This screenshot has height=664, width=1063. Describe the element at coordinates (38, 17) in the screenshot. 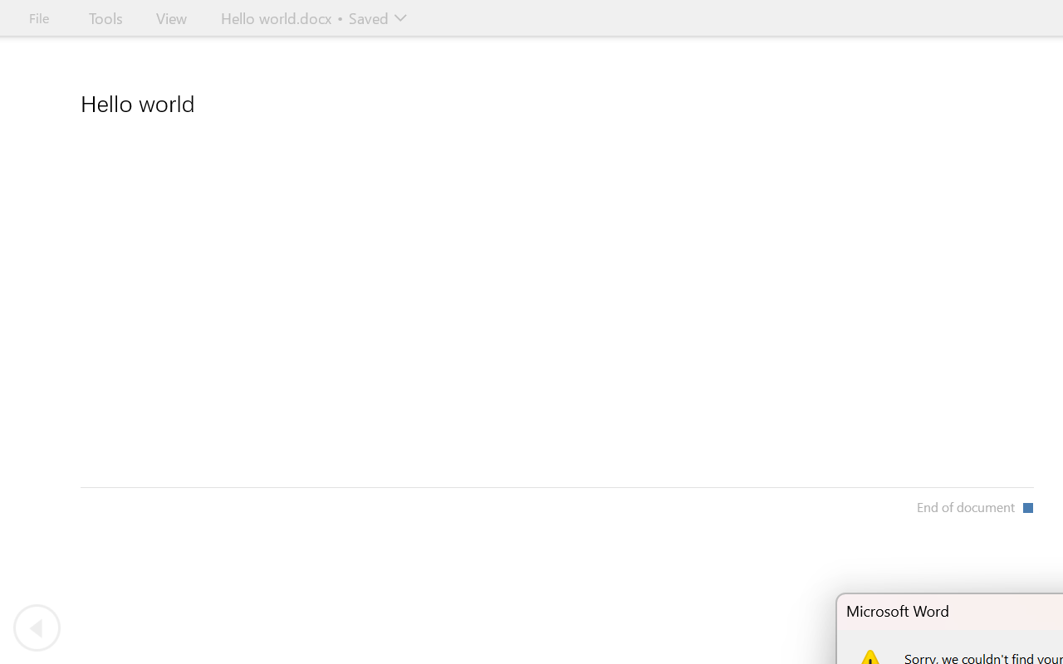

I see `'File Tab'` at that location.